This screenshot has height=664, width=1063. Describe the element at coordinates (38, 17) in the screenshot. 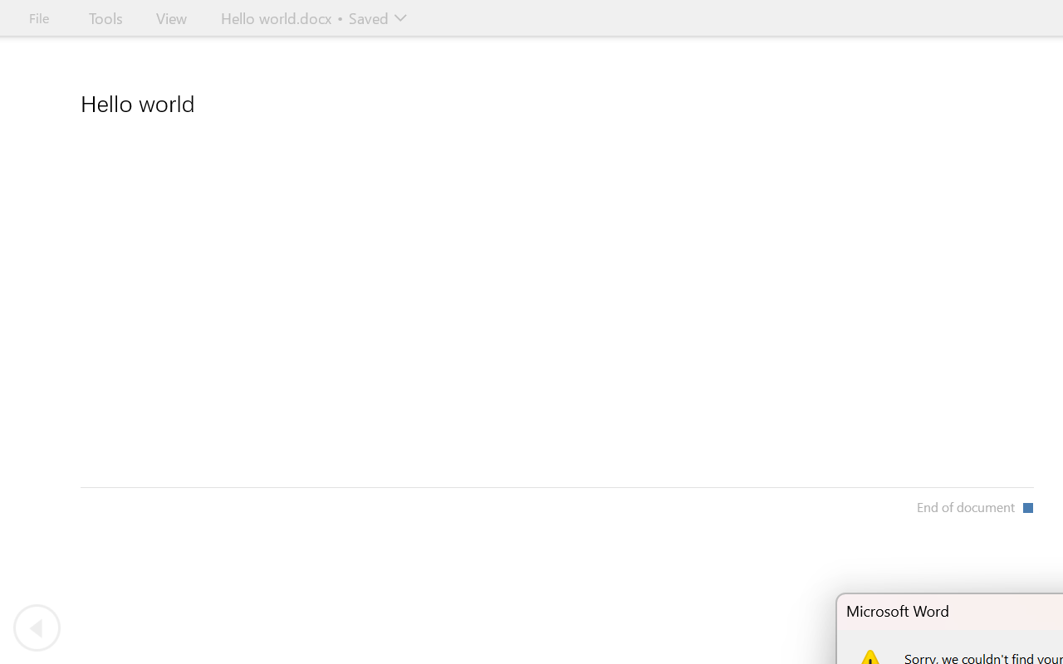

I see `'File Tab'` at that location.